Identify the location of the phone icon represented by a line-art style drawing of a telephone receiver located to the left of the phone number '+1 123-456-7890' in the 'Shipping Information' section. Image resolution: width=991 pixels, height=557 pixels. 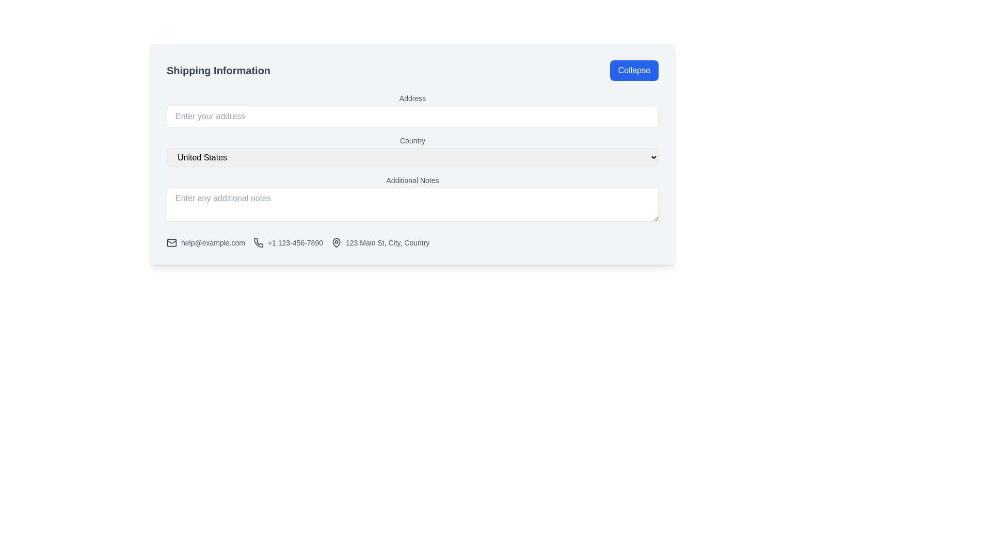
(258, 242).